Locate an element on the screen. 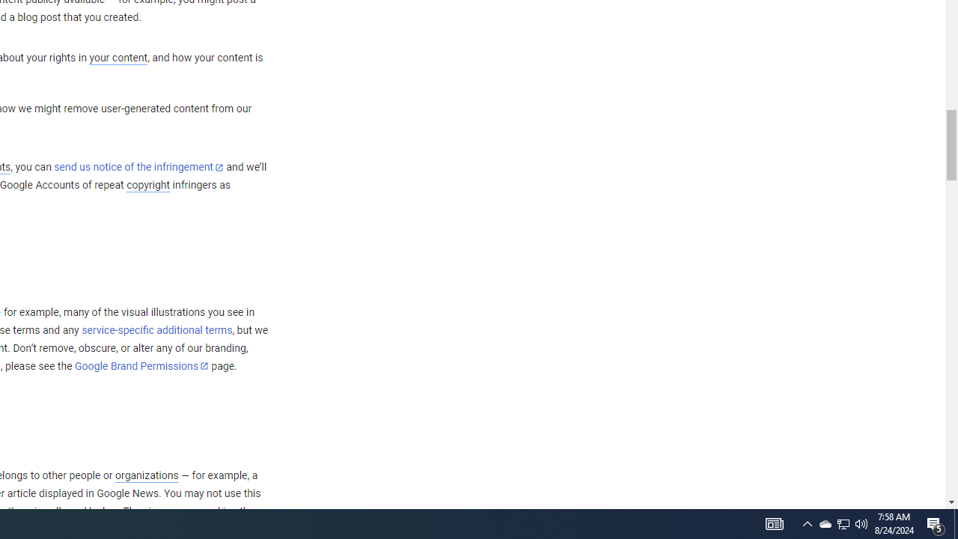 The width and height of the screenshot is (958, 539). 'Google Brand Permissions' is located at coordinates (141, 366).